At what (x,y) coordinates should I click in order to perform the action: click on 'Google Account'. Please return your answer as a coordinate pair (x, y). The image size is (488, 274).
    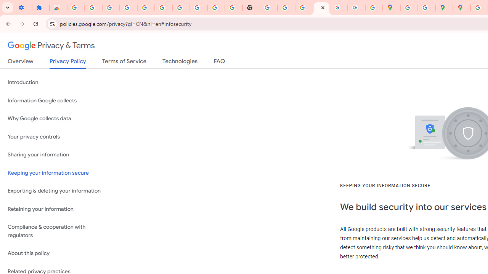
    Looking at the image, I should click on (198, 8).